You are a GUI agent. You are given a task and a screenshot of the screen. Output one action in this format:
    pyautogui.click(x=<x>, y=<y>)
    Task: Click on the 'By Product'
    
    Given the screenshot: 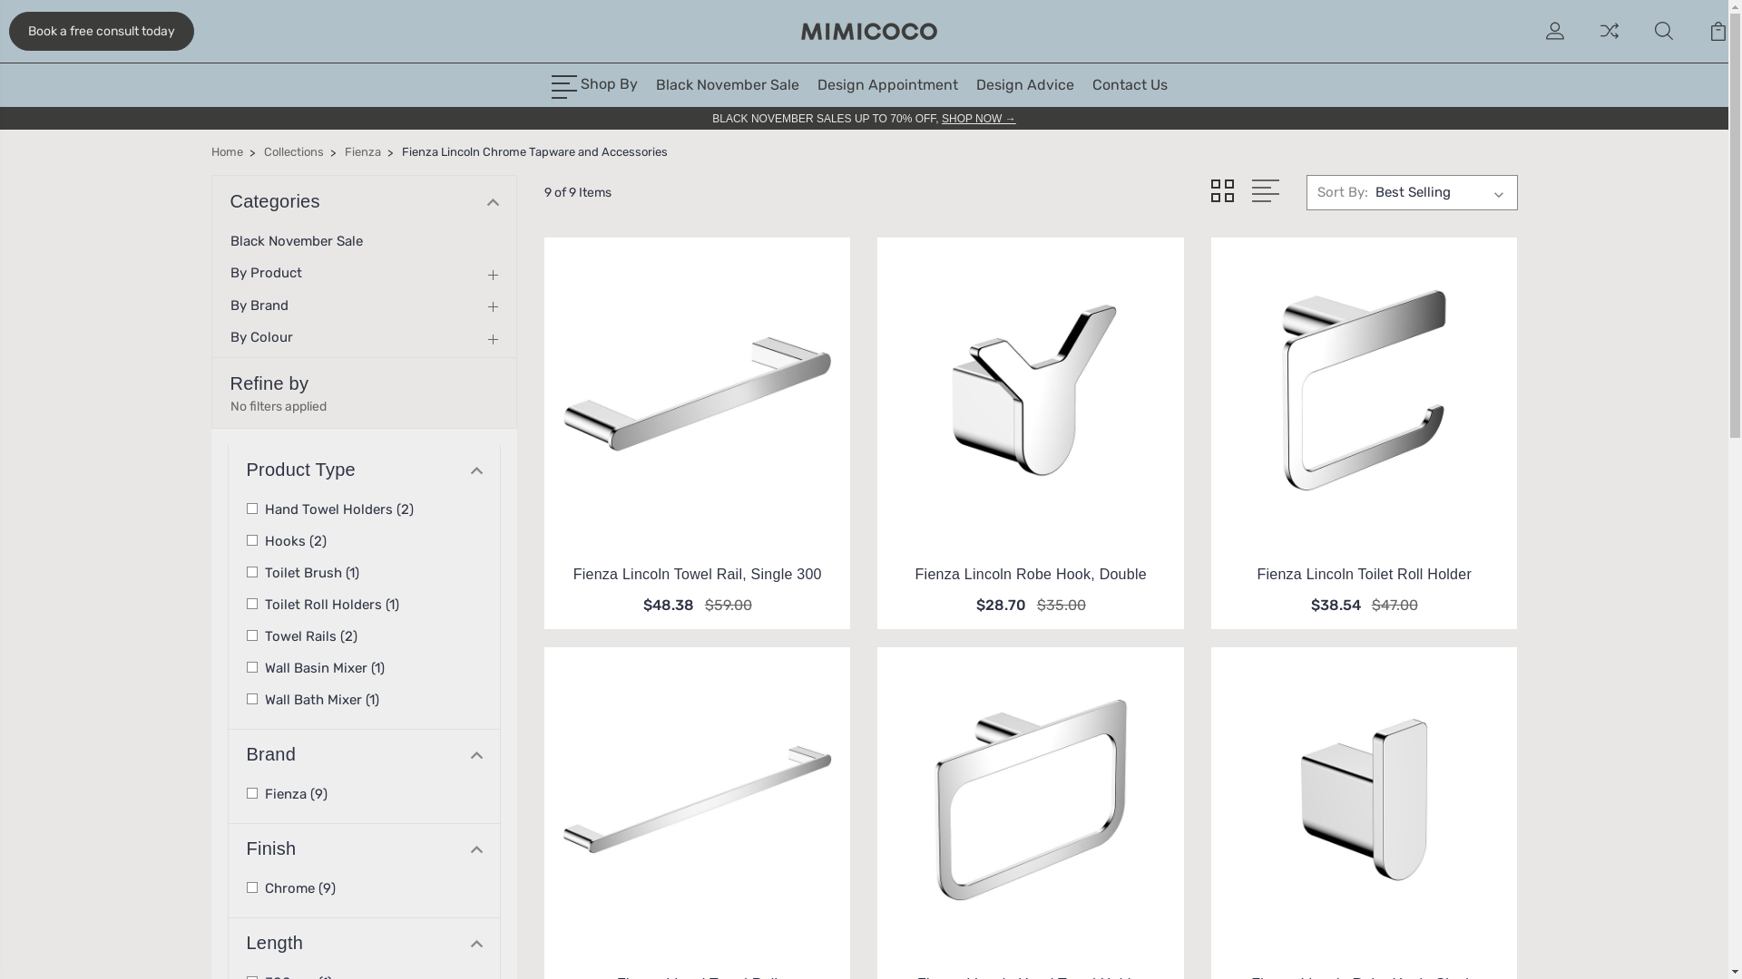 What is the action you would take?
    pyautogui.click(x=230, y=272)
    